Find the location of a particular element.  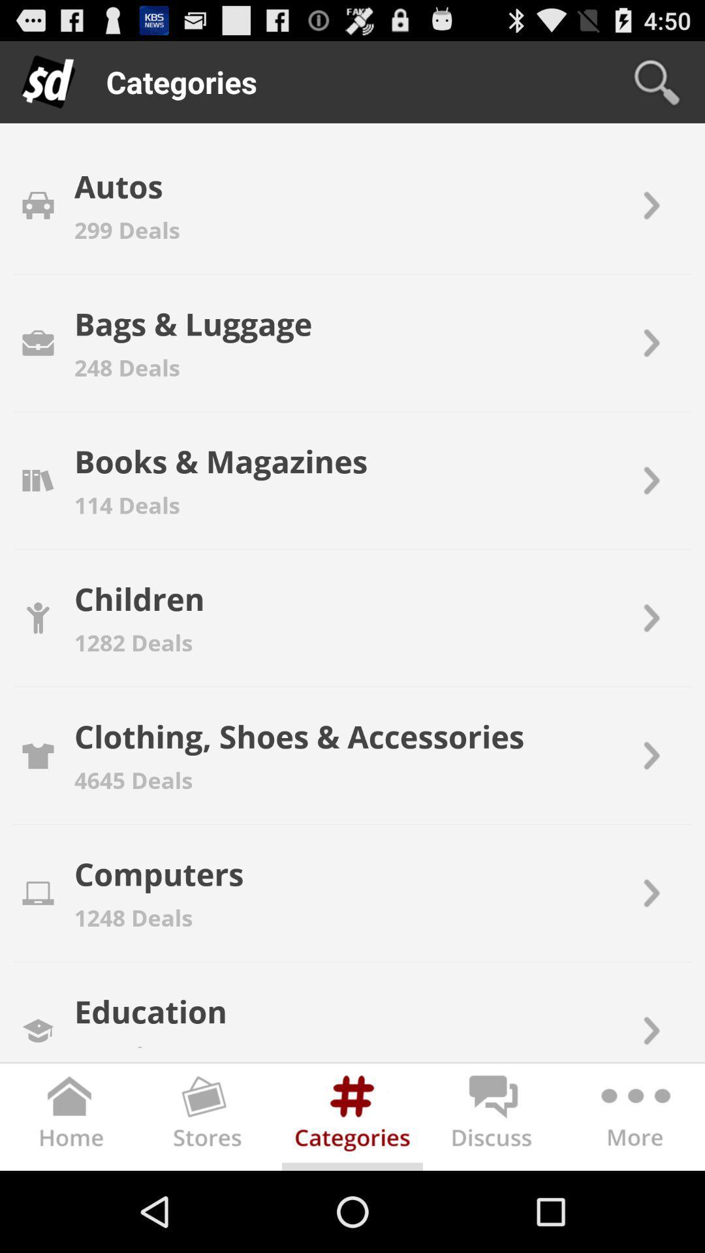

app above the 299 deals icon is located at coordinates (118, 185).